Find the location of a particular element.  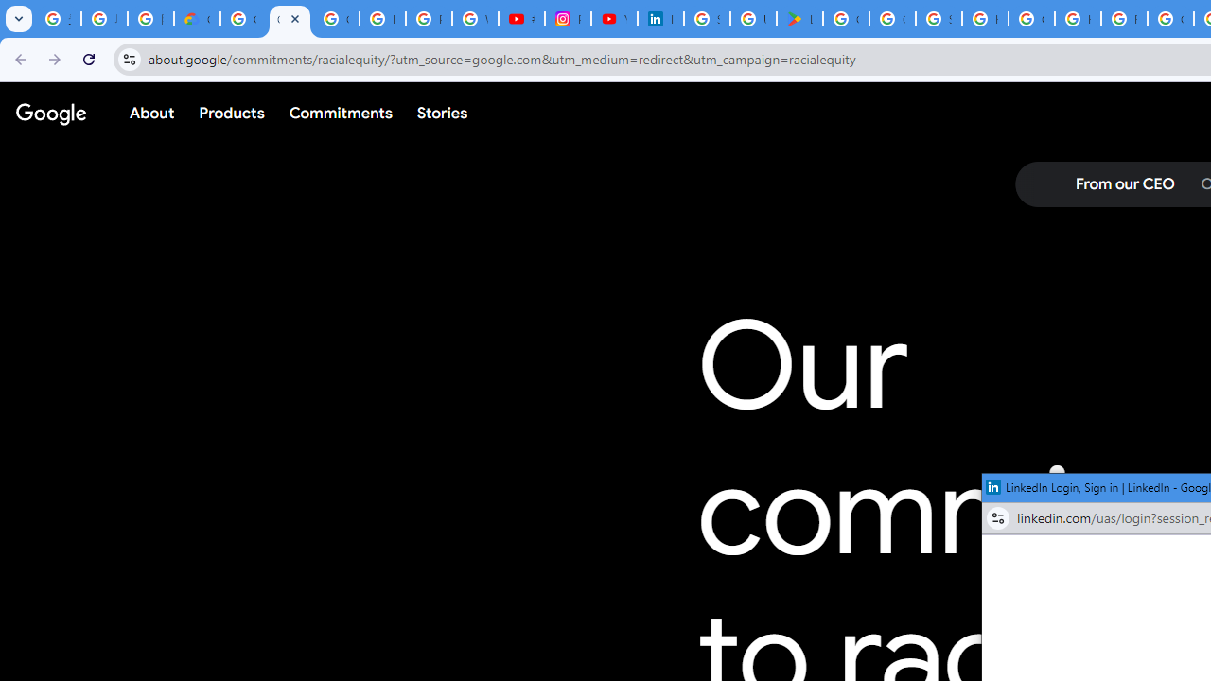

'About' is located at coordinates (152, 113).